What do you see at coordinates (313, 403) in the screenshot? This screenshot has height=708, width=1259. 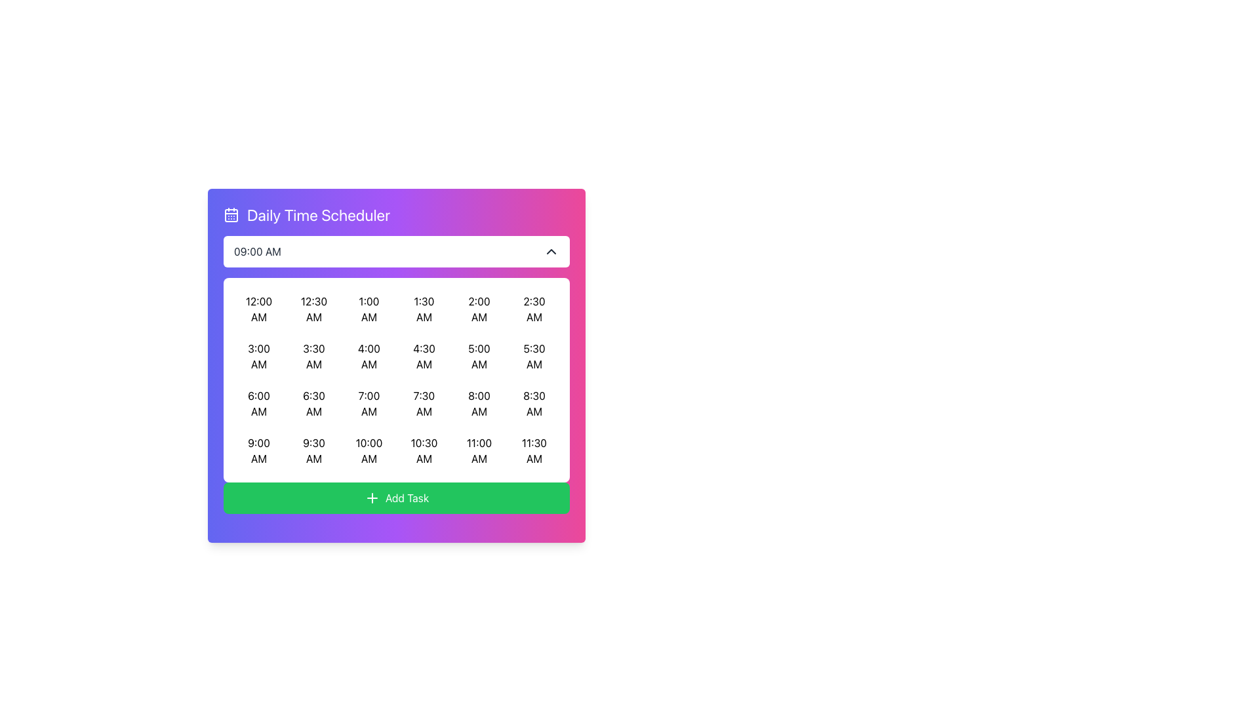 I see `the selectable time slot button located in the fourth row and second column of the daily schedule grid` at bounding box center [313, 403].